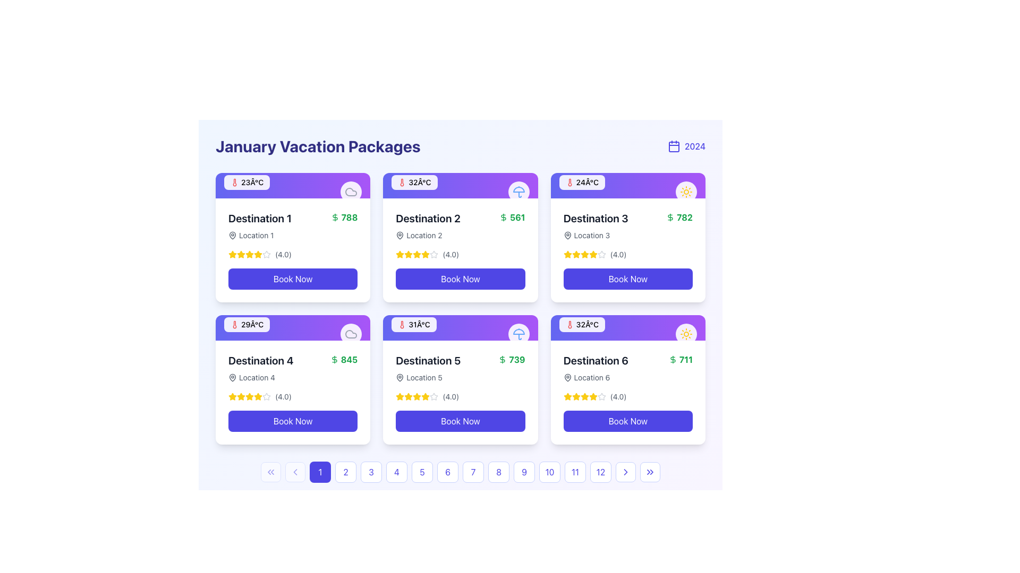 Image resolution: width=1020 pixels, height=573 pixels. Describe the element at coordinates (428, 225) in the screenshot. I see `the Label with text group that summarizes the destination's name and location` at that location.